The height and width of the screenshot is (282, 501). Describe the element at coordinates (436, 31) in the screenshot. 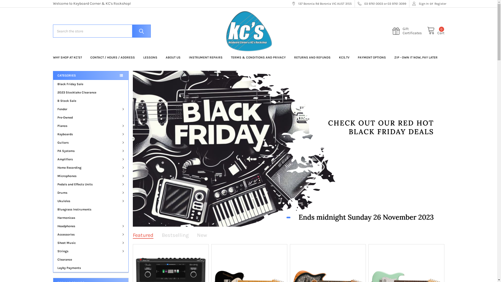

I see `'Cart` at that location.